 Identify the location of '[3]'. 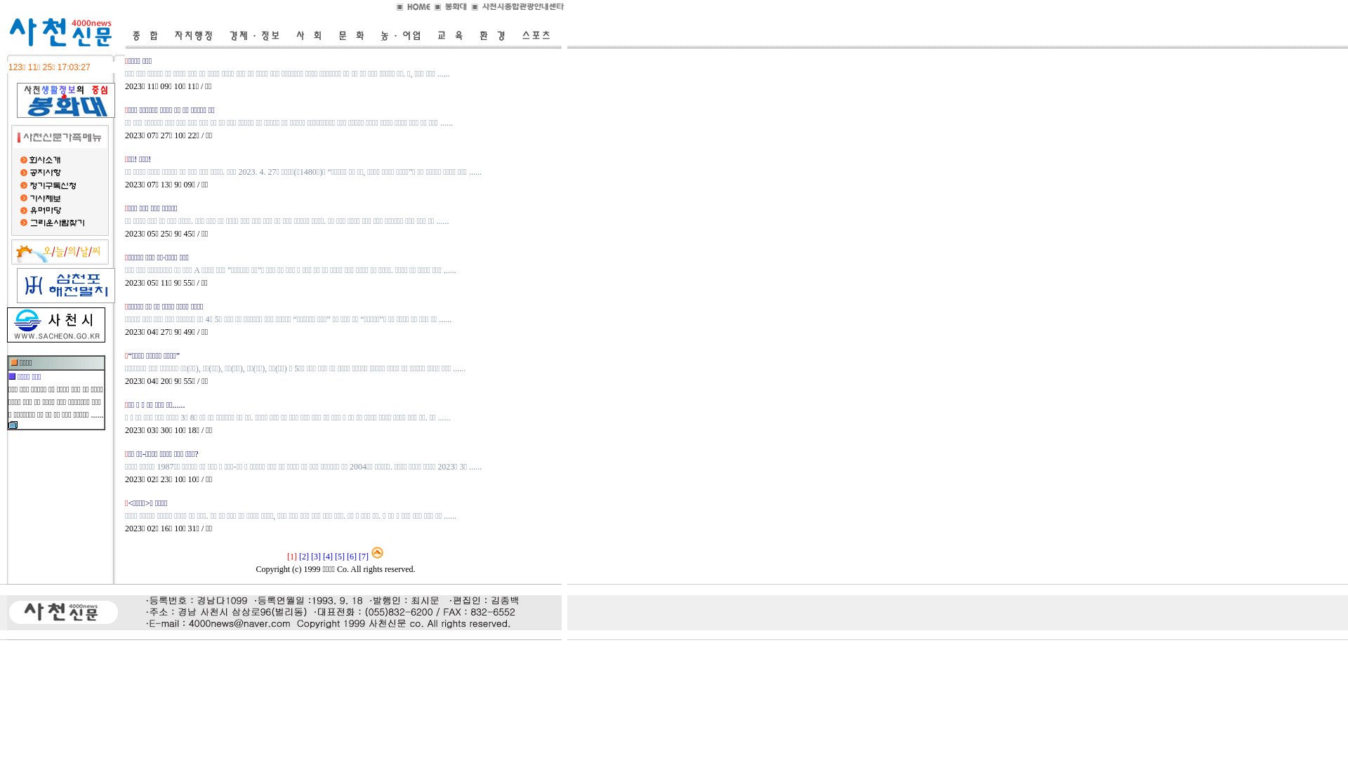
(315, 556).